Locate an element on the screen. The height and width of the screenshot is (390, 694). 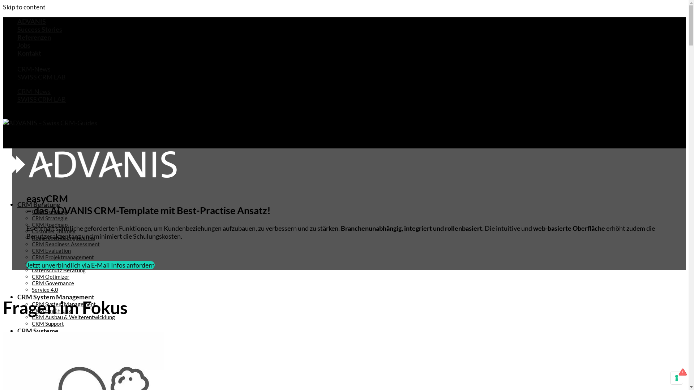
'CRM Optimizer' is located at coordinates (50, 276).